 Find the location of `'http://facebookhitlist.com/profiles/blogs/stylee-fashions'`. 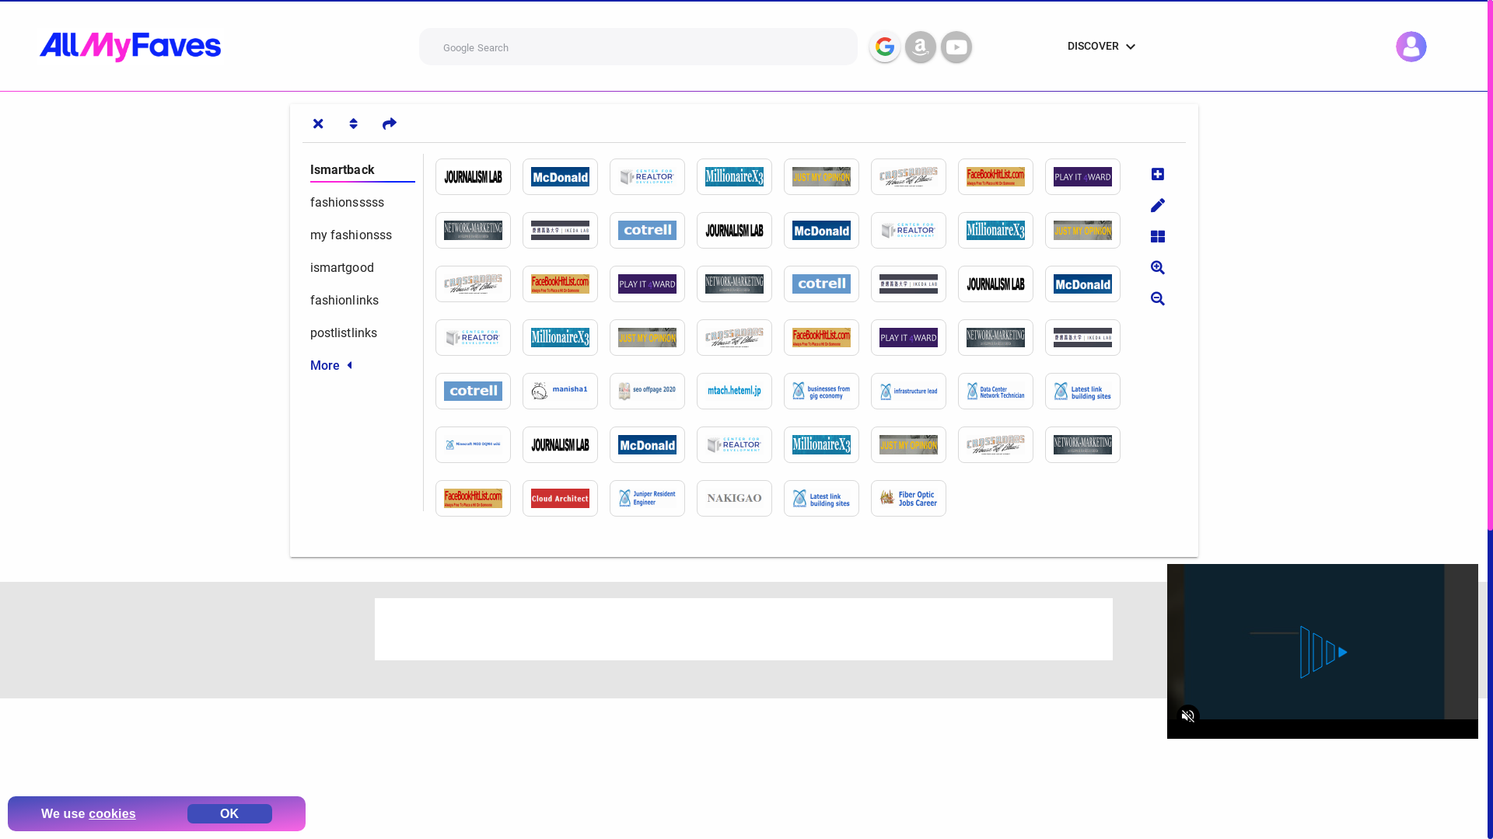

'http://facebookhitlist.com/profiles/blogs/stylee-fashions' is located at coordinates (523, 284).